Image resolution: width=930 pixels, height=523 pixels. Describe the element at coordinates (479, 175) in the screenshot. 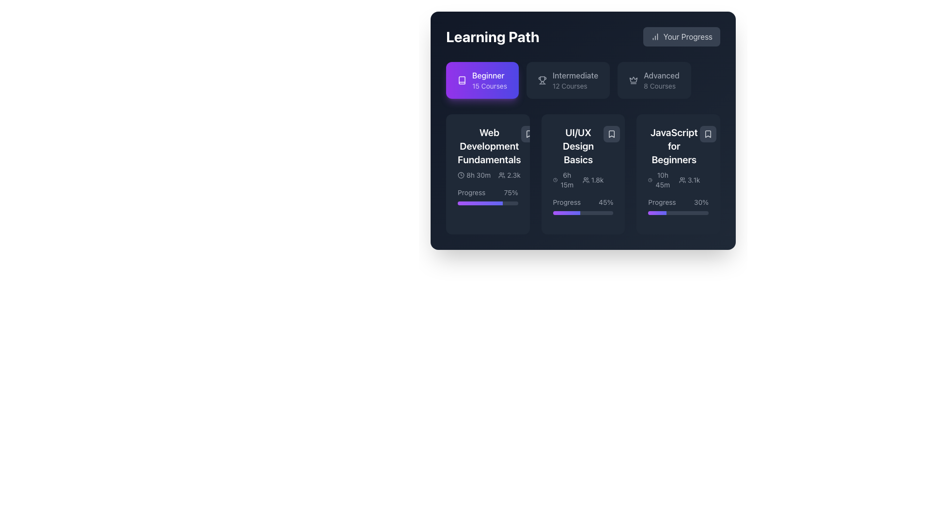

I see `the static text label displaying the time duration (8 hours and 30 minutes) for the 'Web Development Fundamentals' course, which is located in the first card of a horizontal list, positioned left of a clock icon` at that location.